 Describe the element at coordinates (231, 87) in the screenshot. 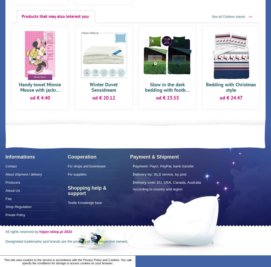

I see `'Bedding with Christmas style'` at that location.